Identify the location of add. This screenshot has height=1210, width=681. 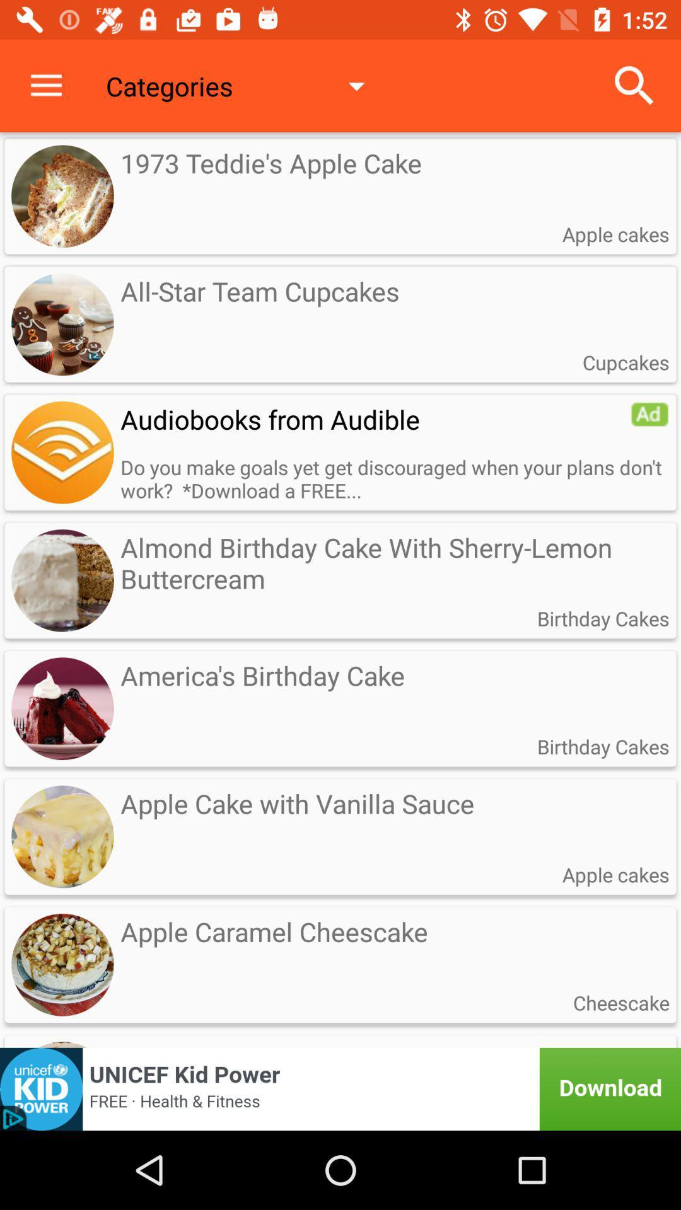
(62, 452).